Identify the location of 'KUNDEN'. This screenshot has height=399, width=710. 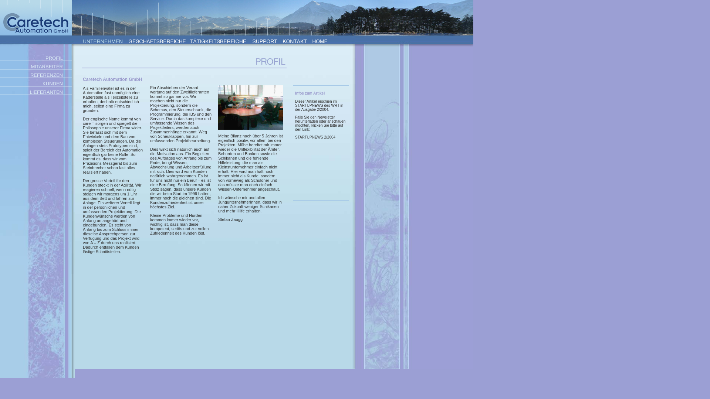
(35, 83).